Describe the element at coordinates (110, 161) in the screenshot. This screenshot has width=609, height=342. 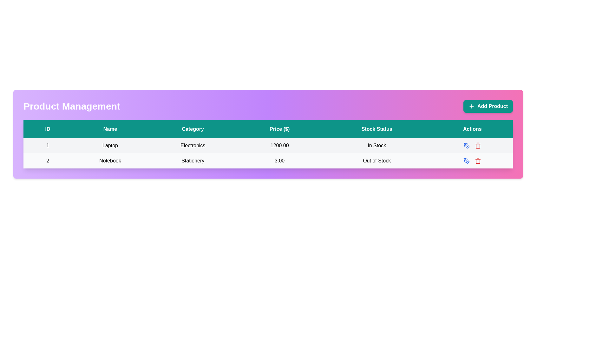
I see `the Static text element displaying 'Notebook' located in the second row of the table under the 'Name' column` at that location.